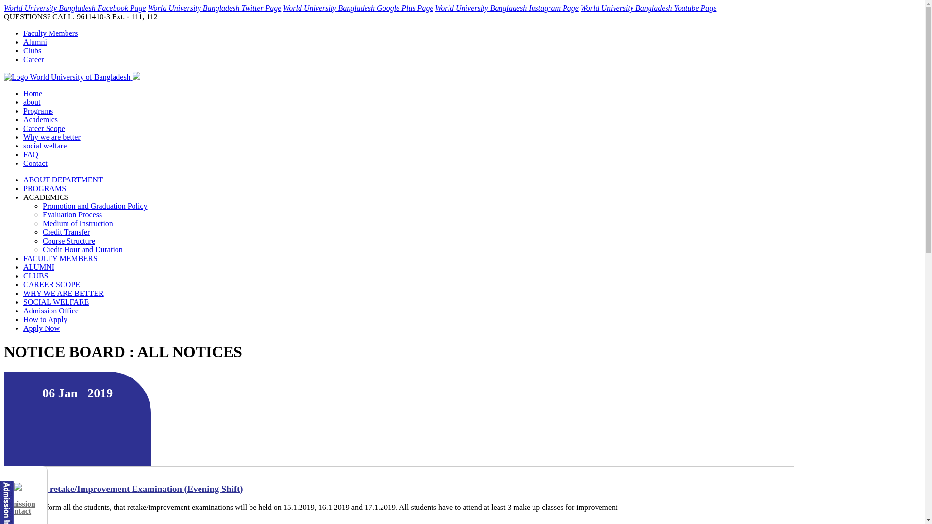 Image resolution: width=932 pixels, height=524 pixels. What do you see at coordinates (39, 267) in the screenshot?
I see `'ALUMNI'` at bounding box center [39, 267].